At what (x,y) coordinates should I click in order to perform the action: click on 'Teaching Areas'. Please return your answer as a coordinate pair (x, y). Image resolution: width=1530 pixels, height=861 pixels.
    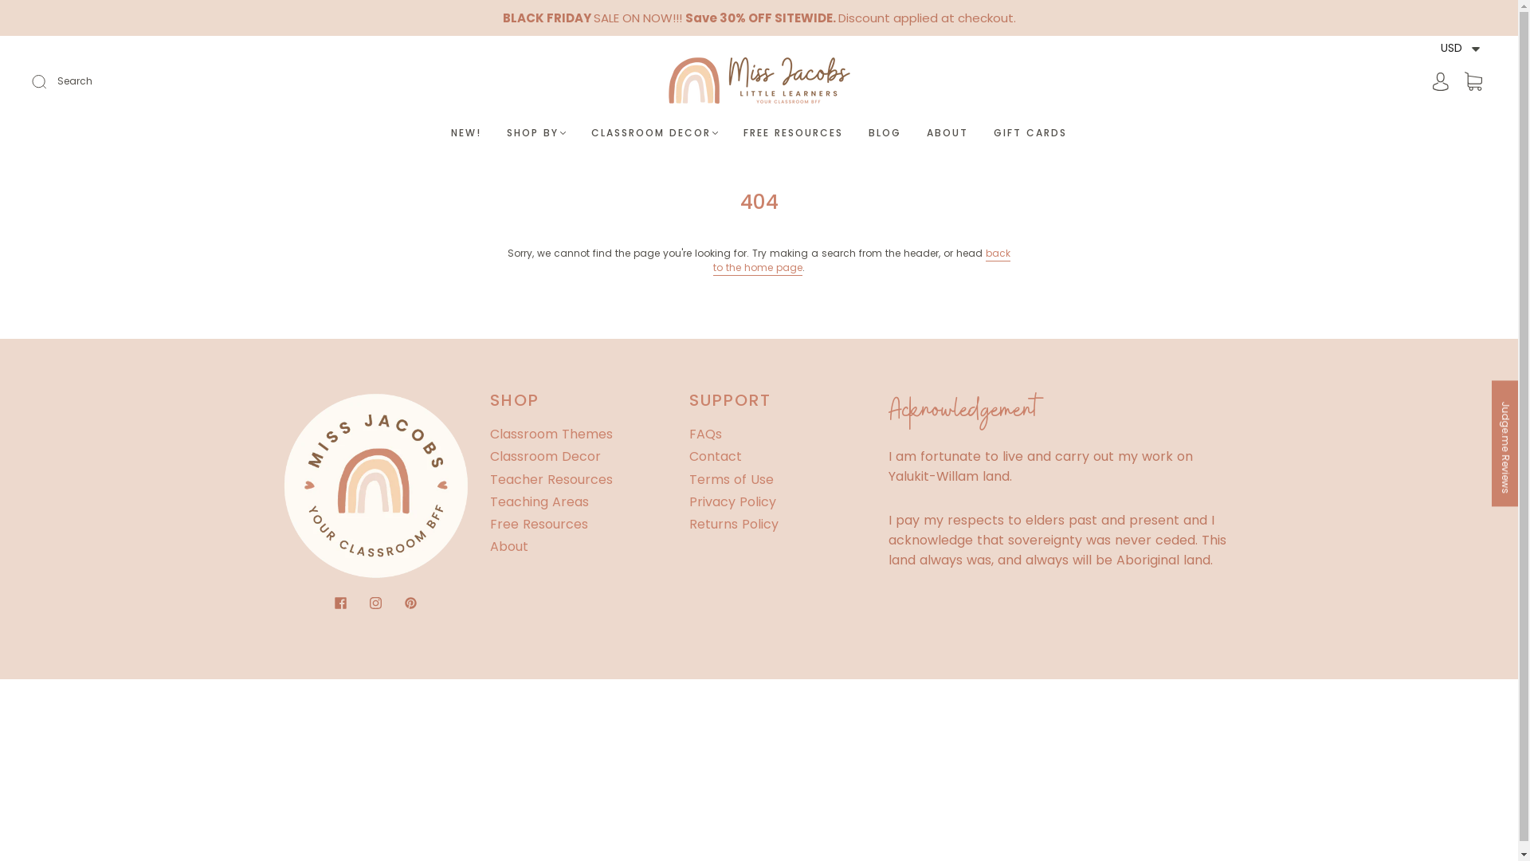
    Looking at the image, I should click on (488, 501).